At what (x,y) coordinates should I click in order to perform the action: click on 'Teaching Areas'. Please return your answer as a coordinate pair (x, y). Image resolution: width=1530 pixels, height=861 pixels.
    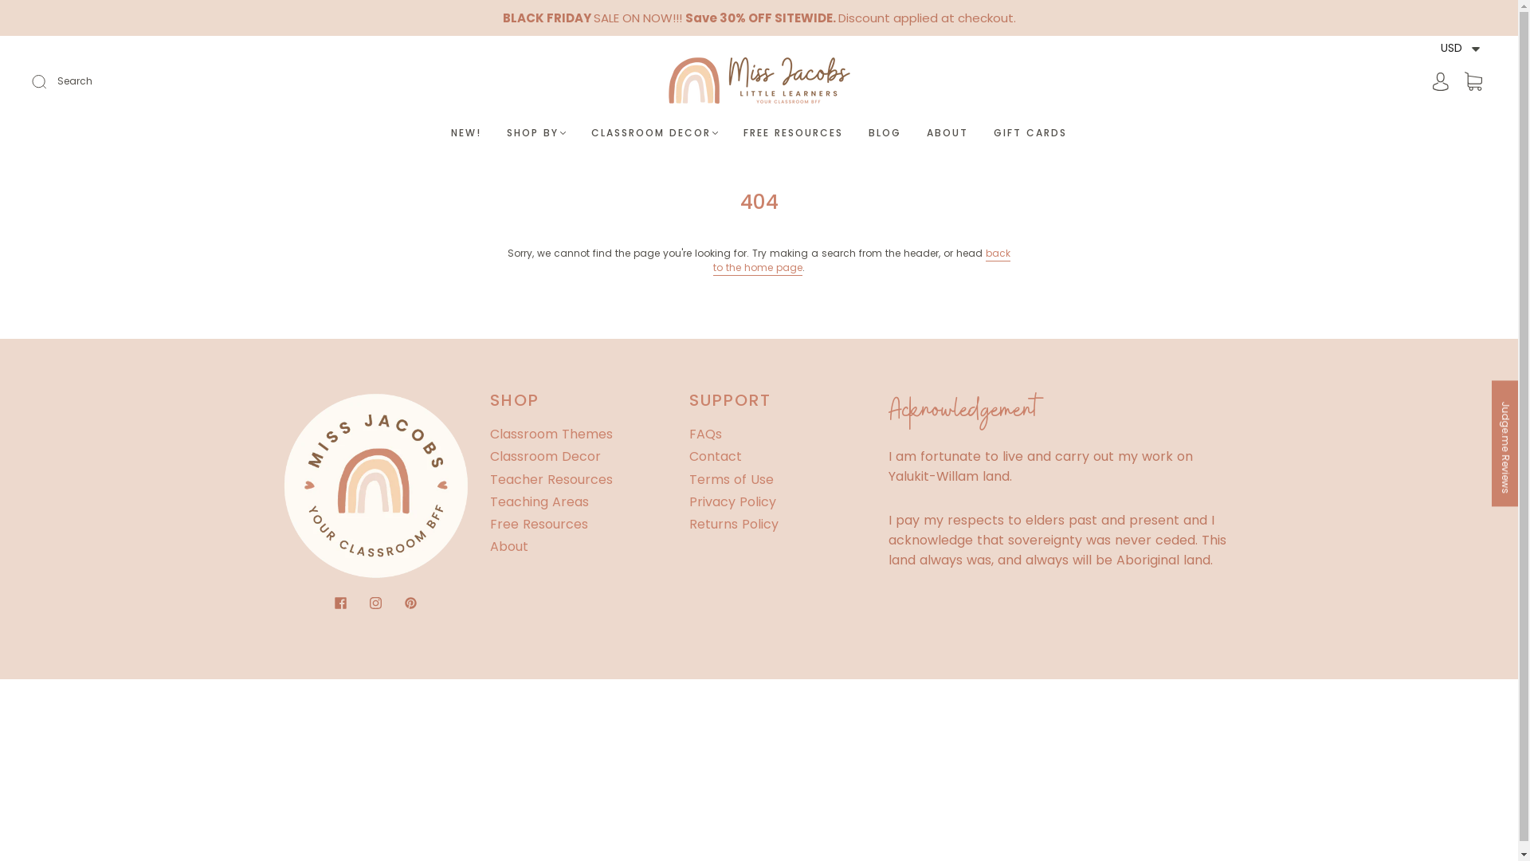
    Looking at the image, I should click on (488, 501).